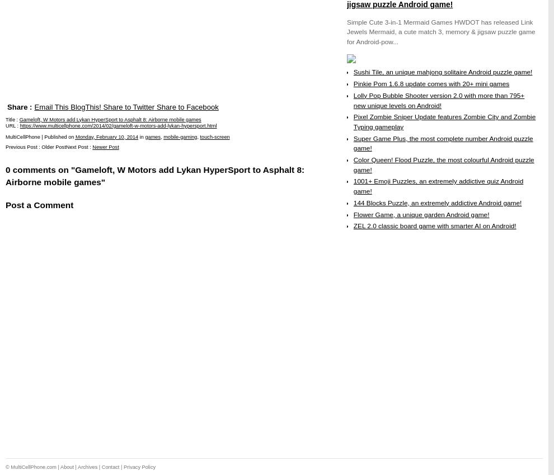 The height and width of the screenshot is (475, 554). Describe the element at coordinates (186, 106) in the screenshot. I see `'Share to Facebook'` at that location.